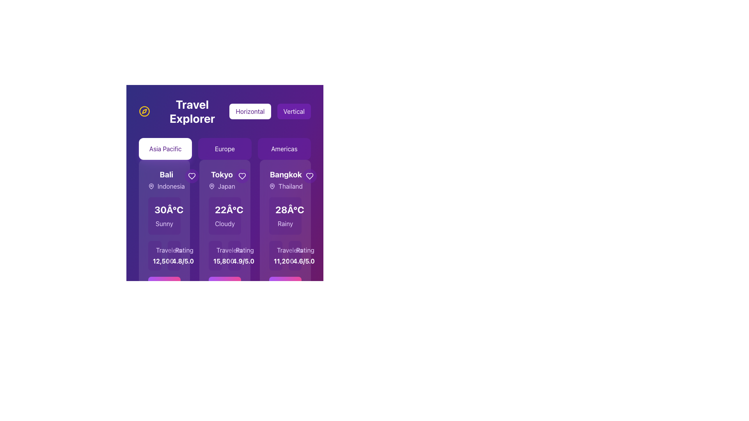 This screenshot has height=421, width=749. What do you see at coordinates (285, 216) in the screenshot?
I see `the weather condition and temperature display for the Bangkok destination, located at the center of the card in the grid layout` at bounding box center [285, 216].